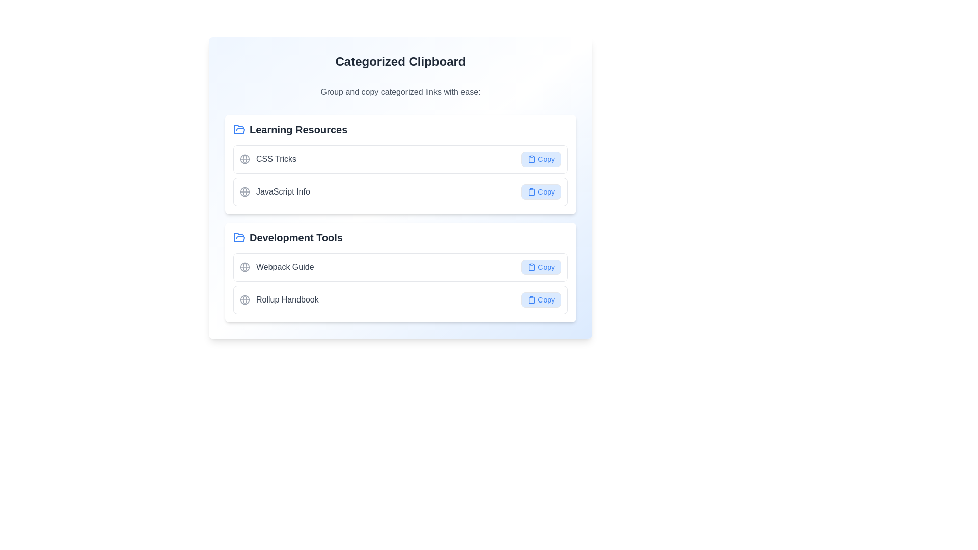 Image resolution: width=978 pixels, height=550 pixels. What do you see at coordinates (283, 192) in the screenshot?
I see `the text label displaying 'JavaScript Info'` at bounding box center [283, 192].